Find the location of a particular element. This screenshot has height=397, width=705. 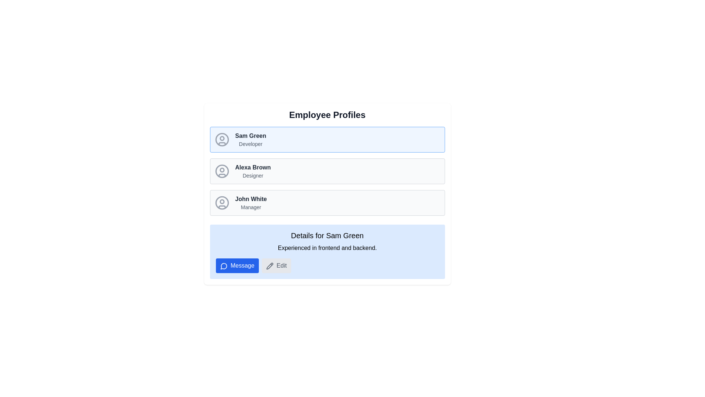

the circular user profile image representing 'John White' in the Employee Profiles section is located at coordinates (221, 203).